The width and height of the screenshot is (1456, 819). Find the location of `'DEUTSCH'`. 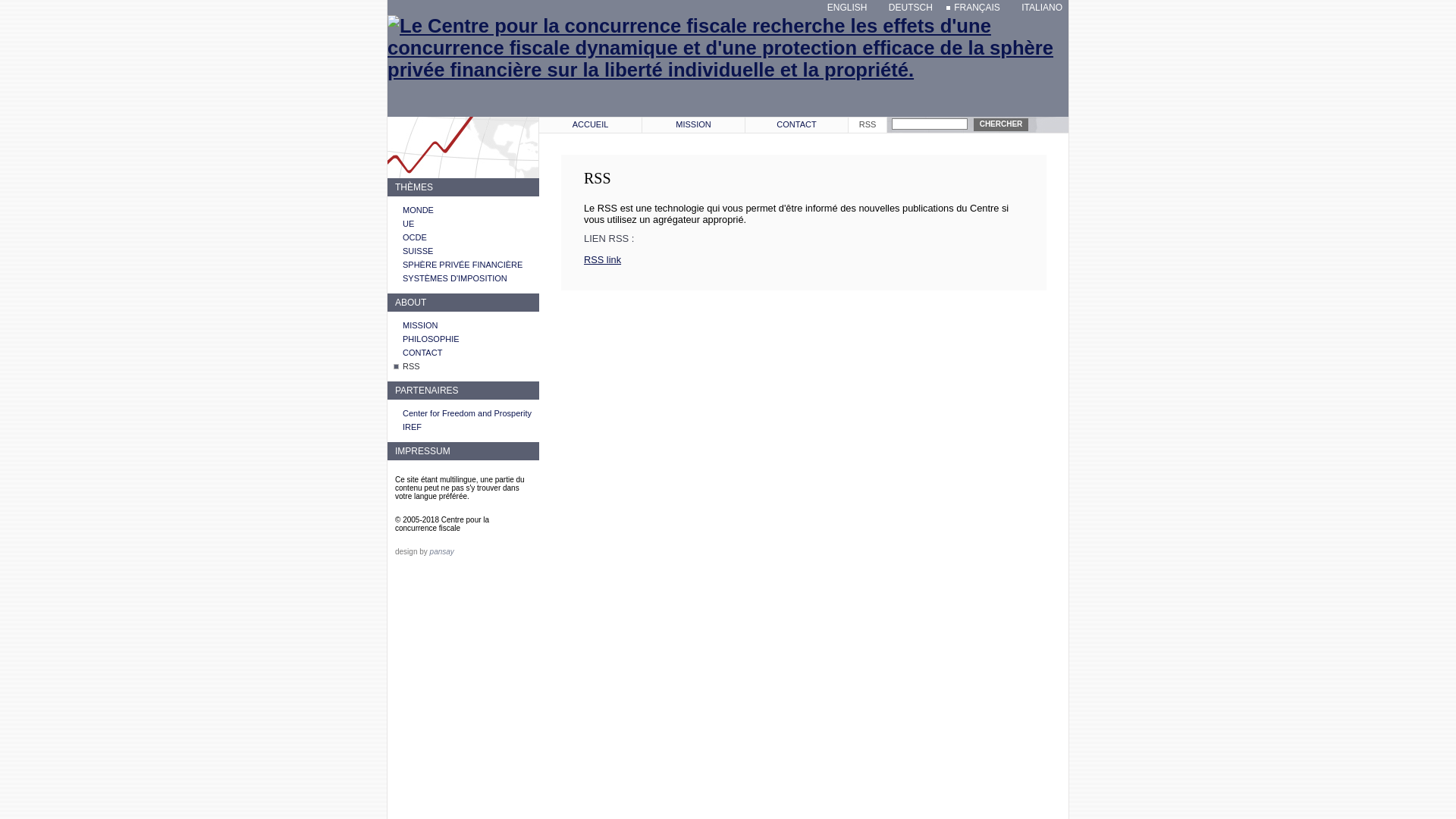

'DEUTSCH' is located at coordinates (880, 8).